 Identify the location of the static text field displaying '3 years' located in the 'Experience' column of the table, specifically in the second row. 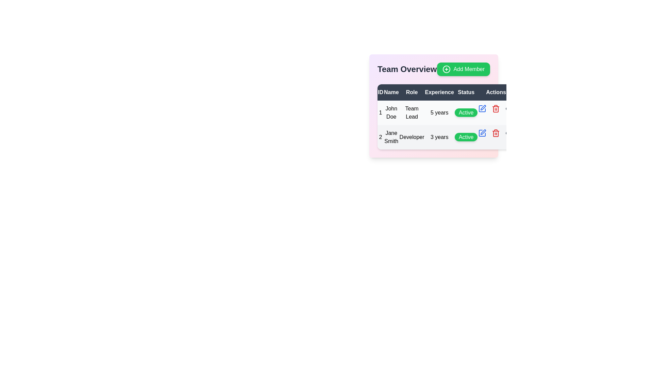
(439, 137).